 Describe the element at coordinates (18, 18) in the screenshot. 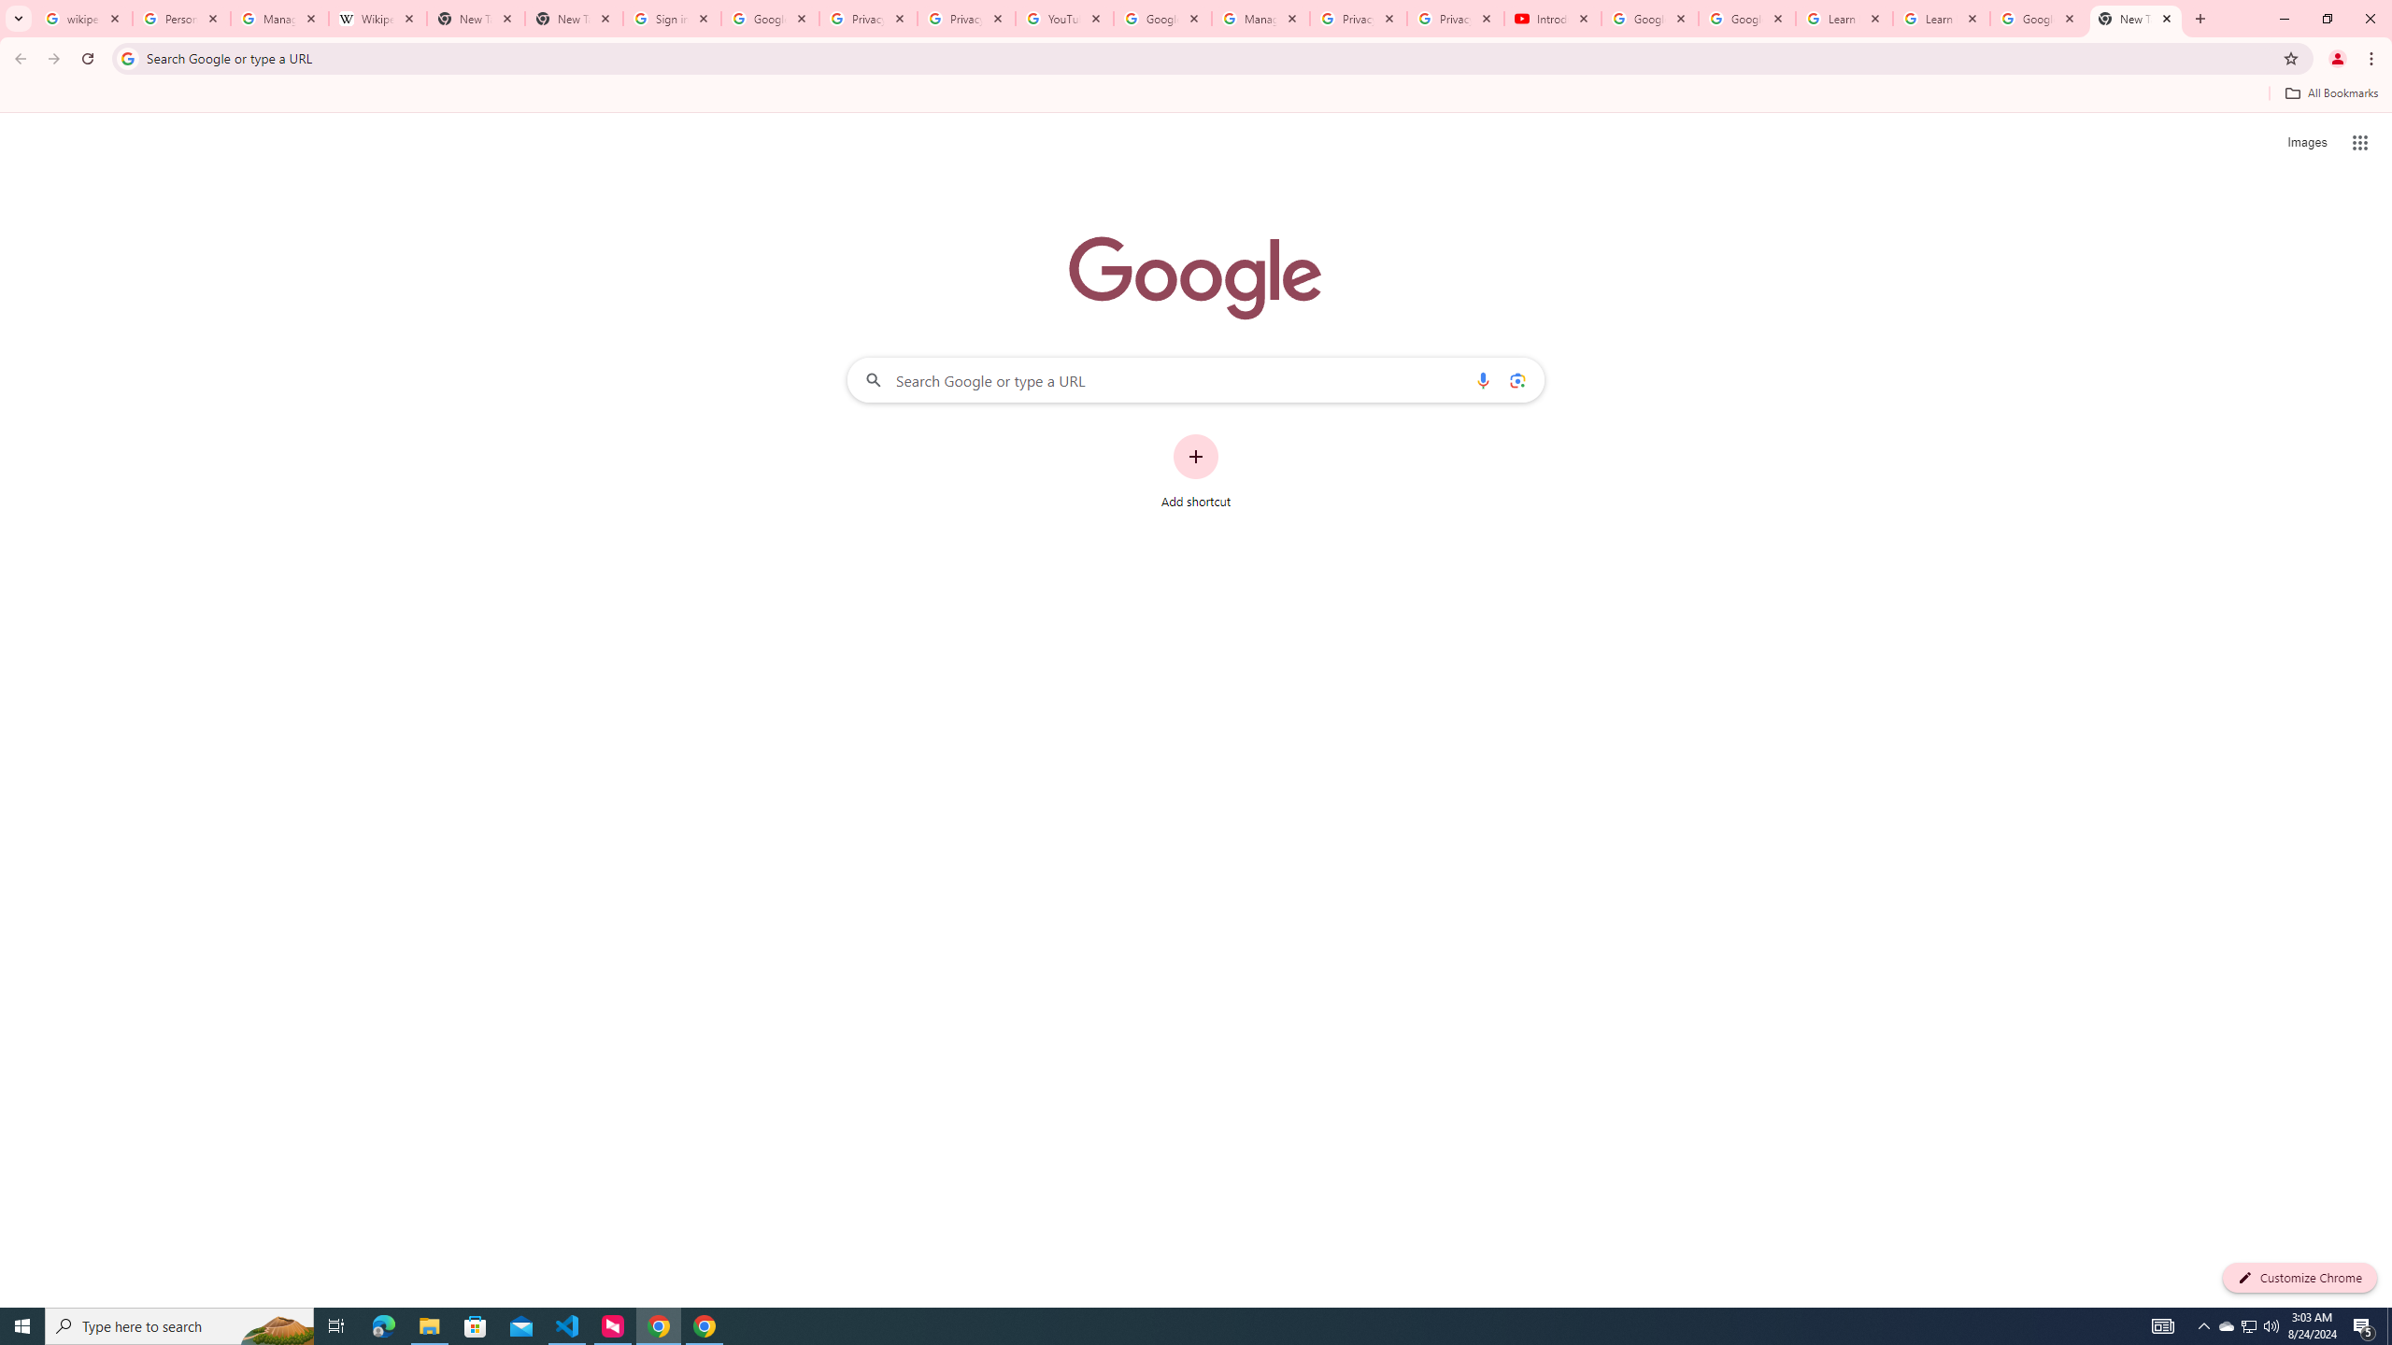

I see `'Search tabs'` at that location.